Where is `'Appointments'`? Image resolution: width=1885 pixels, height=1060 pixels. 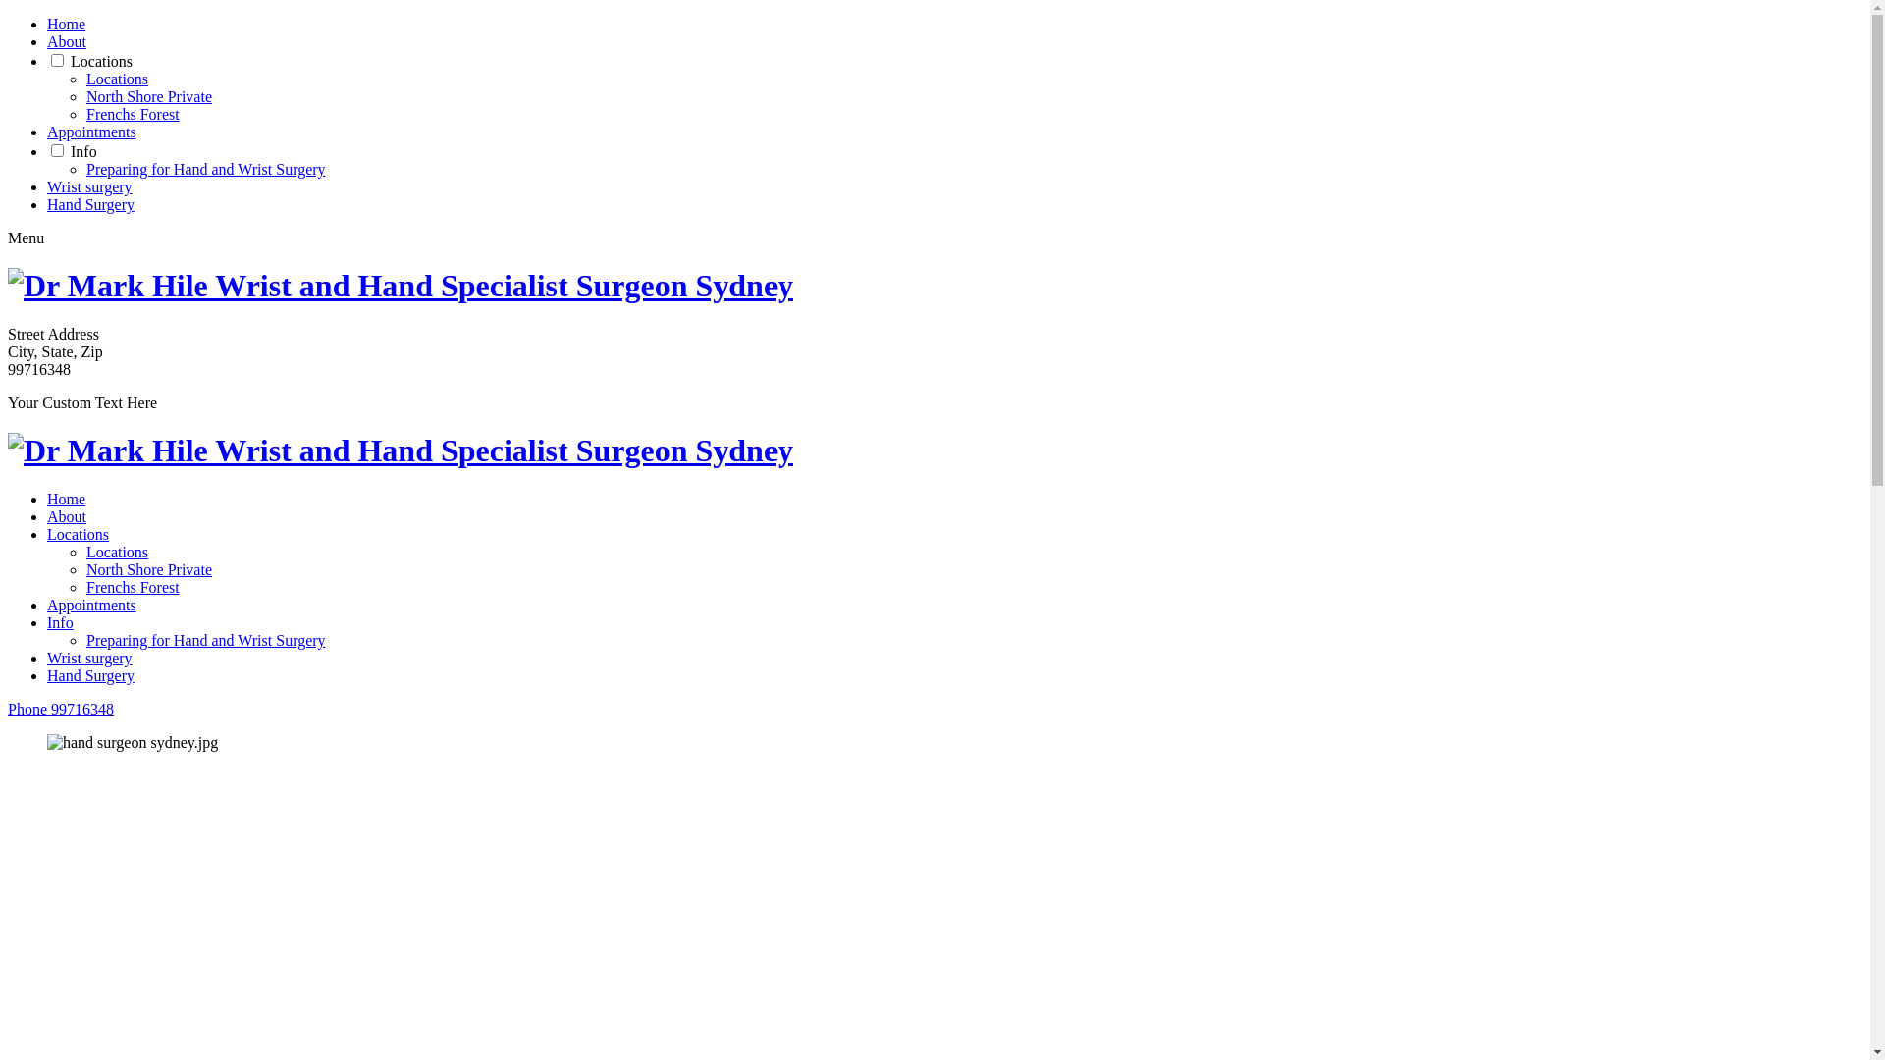 'Appointments' is located at coordinates (90, 132).